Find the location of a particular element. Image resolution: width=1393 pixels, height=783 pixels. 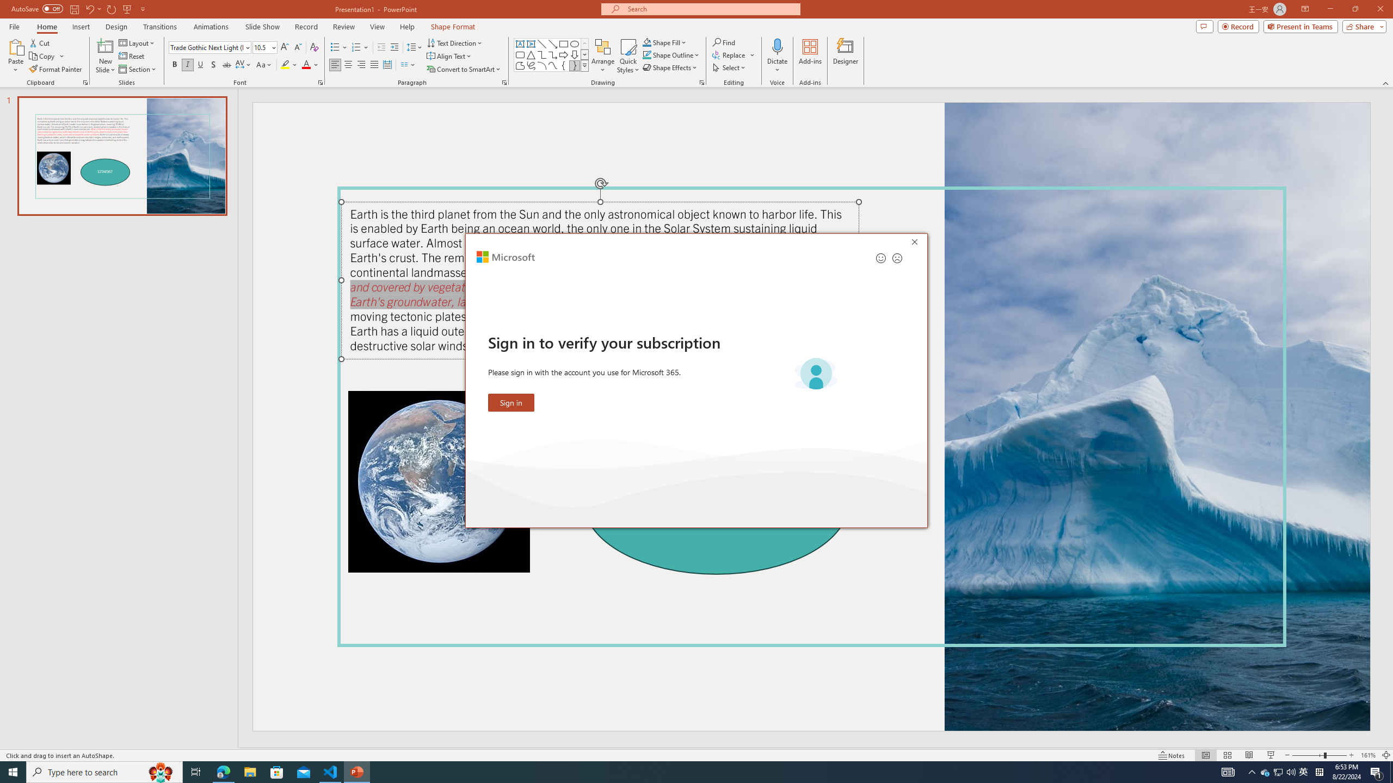

'Arrow: Down' is located at coordinates (574, 54).